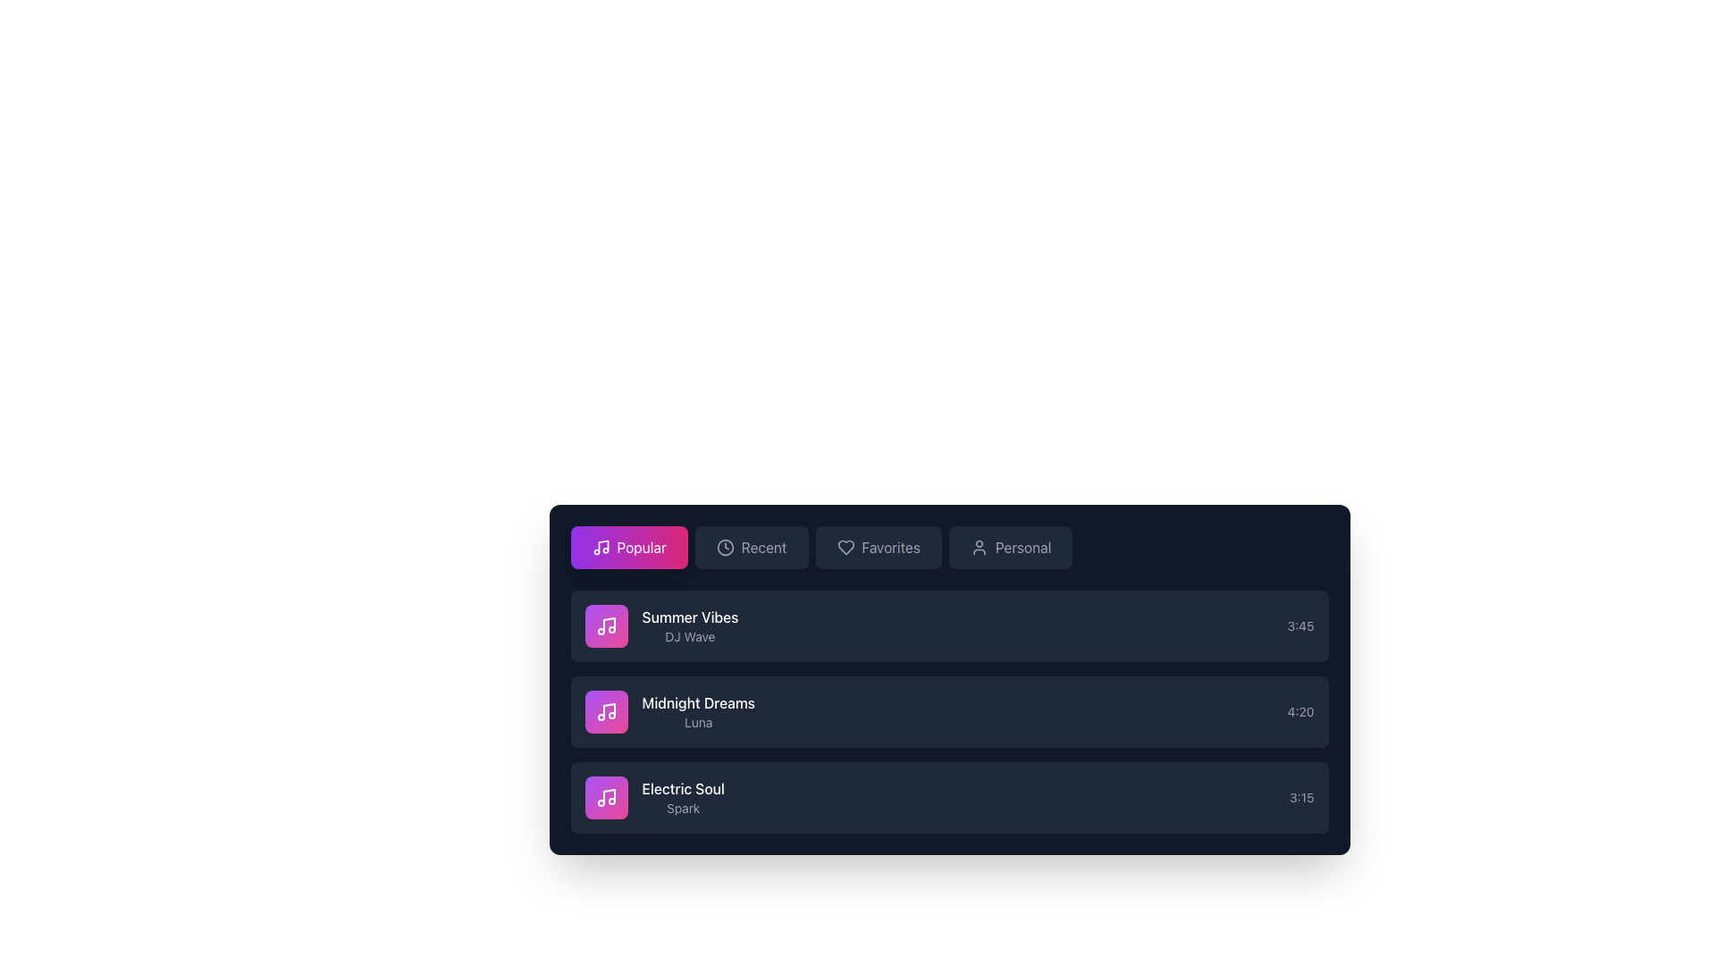  What do you see at coordinates (682, 809) in the screenshot?
I see `the text label displaying 'Spark', which is located beneath the bold text 'Electric Soul' in a dark-themed user interface, part of the last entry in a list of tracks` at bounding box center [682, 809].